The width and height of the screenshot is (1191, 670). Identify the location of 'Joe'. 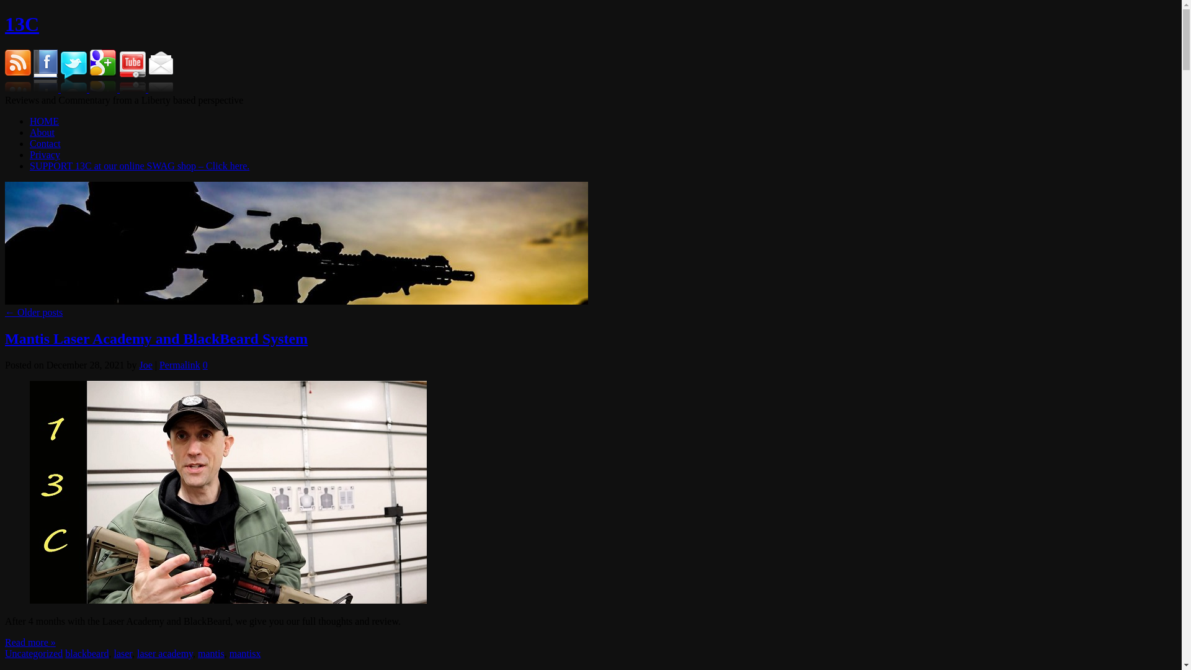
(145, 364).